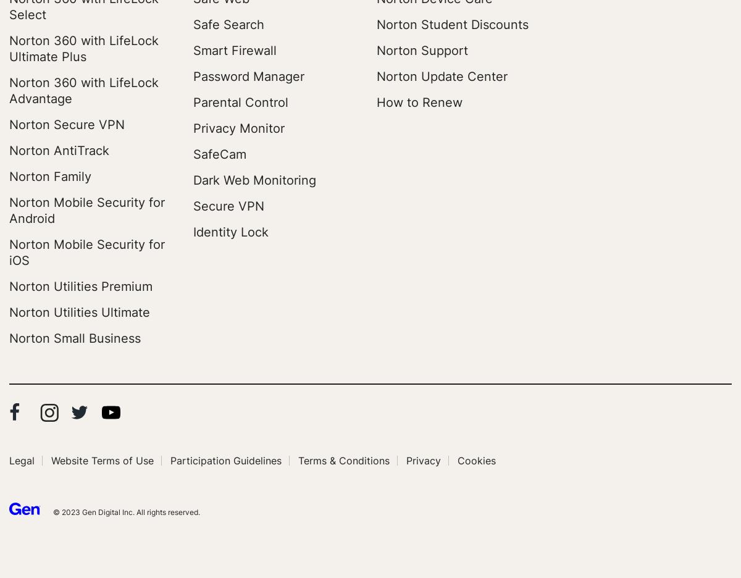  I want to click on '© 2023 Gen Digital Inc. All rights reserved.', so click(125, 512).